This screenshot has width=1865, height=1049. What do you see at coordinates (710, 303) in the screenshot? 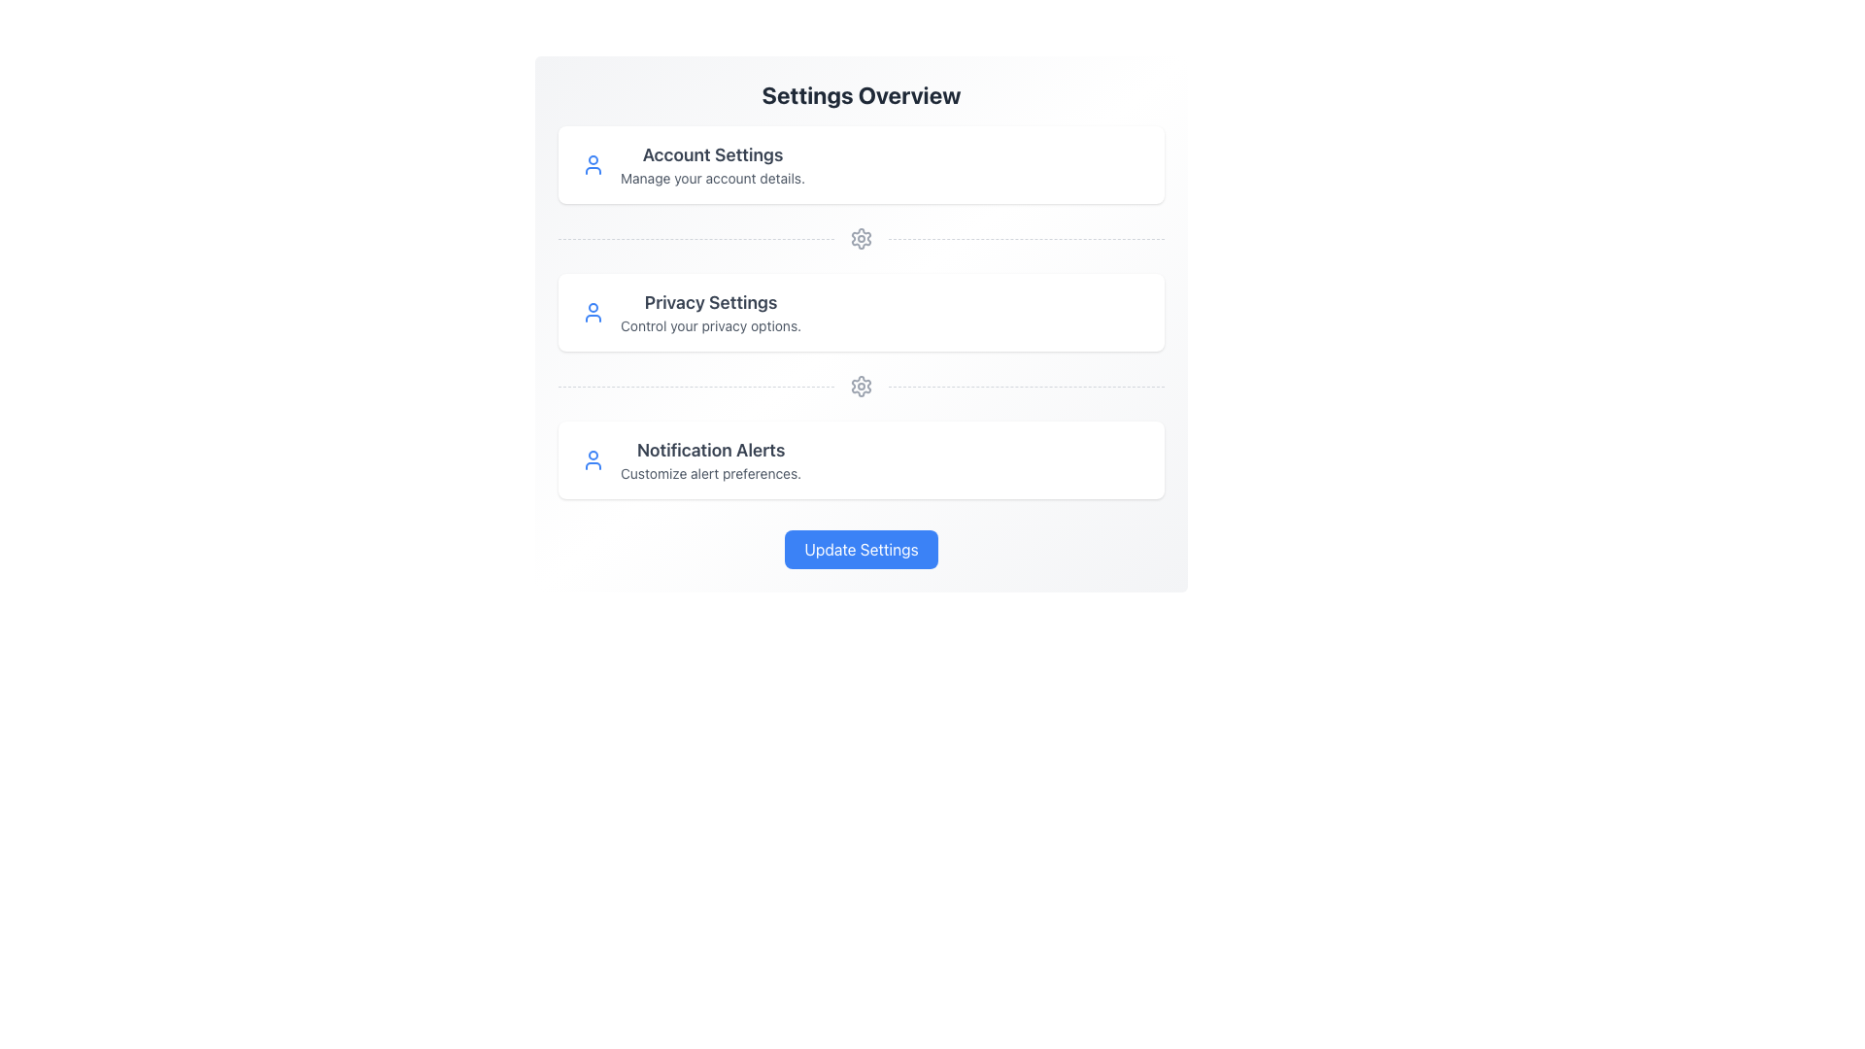
I see `the 'Privacy Settings' text element, which is styled in bold dark gray on a white background and positioned under 'Account Settings' in the 'Settings Overview' section` at bounding box center [710, 303].